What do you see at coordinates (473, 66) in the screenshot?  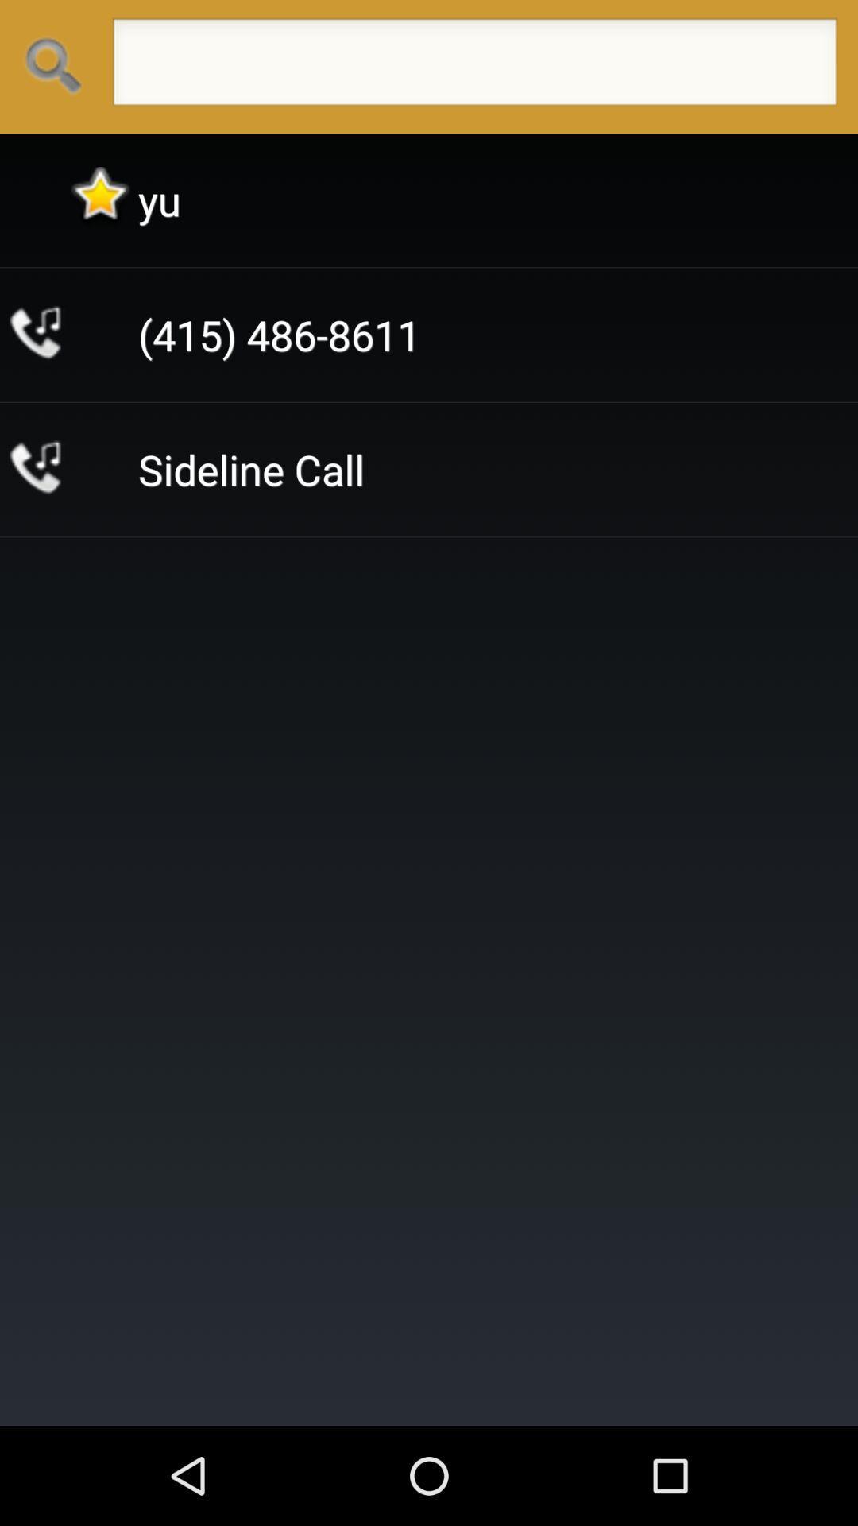 I see `search` at bounding box center [473, 66].